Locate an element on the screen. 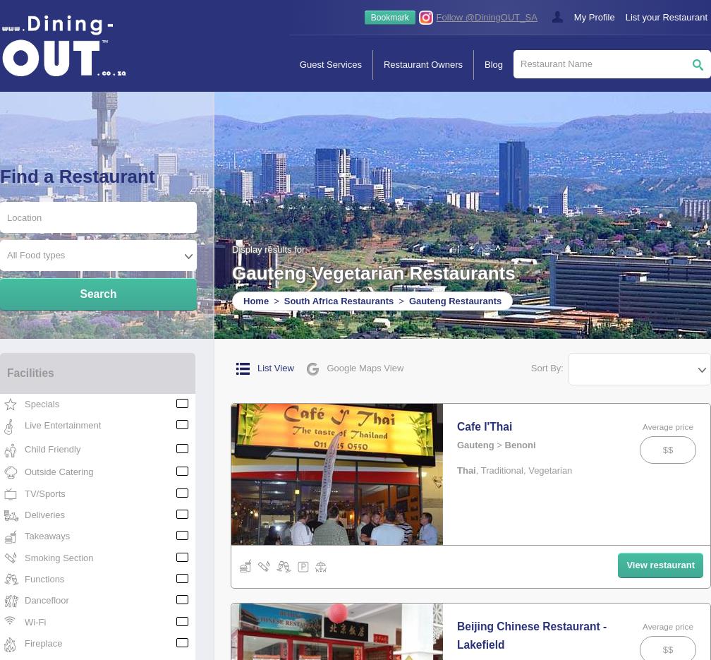 The width and height of the screenshot is (711, 660). 'Beijing Chinese Restaurant - Lakefield' is located at coordinates (531, 635).